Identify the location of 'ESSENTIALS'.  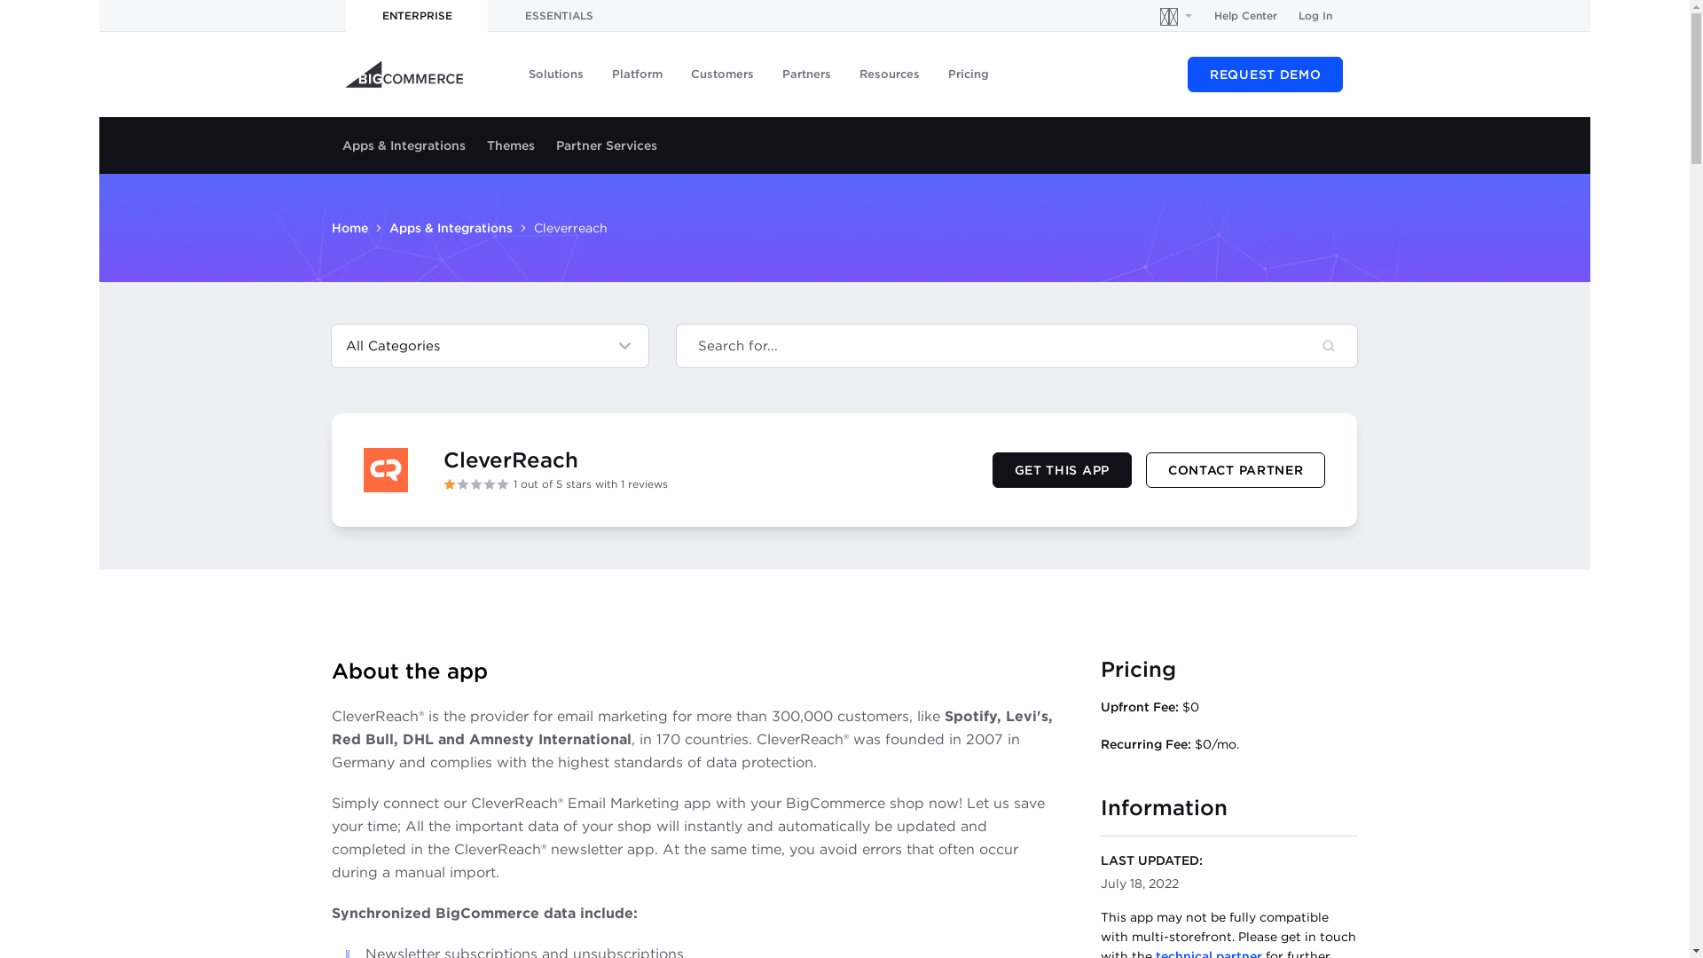
(557, 16).